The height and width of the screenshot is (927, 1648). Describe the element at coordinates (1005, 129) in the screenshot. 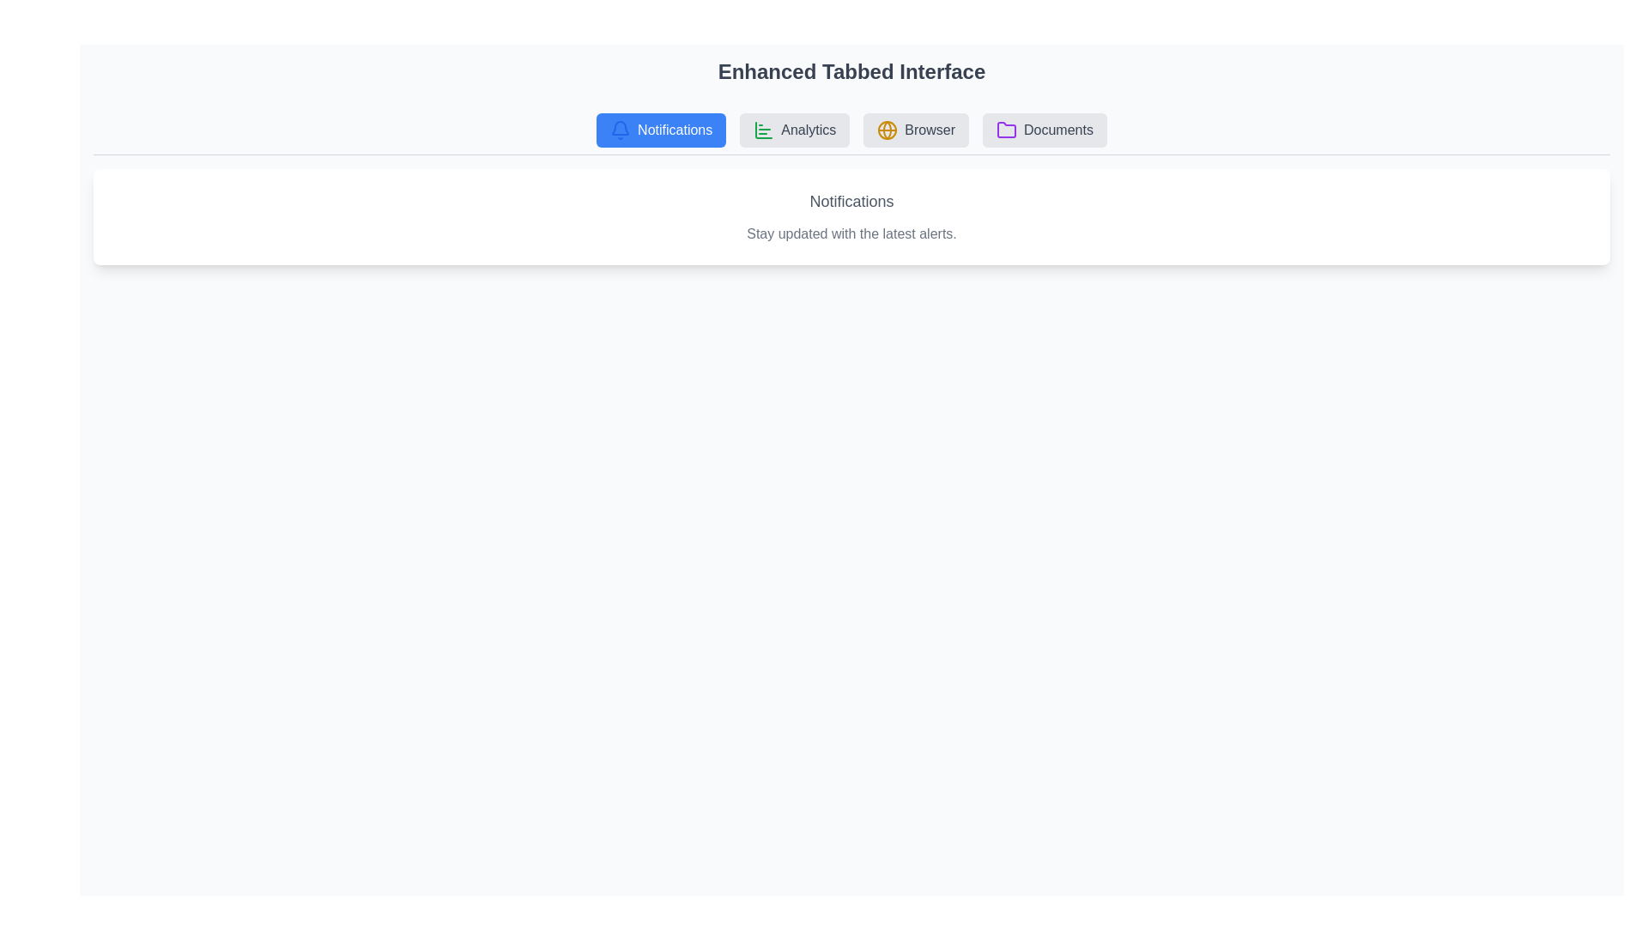

I see `the icon associated with the Documents tab` at that location.